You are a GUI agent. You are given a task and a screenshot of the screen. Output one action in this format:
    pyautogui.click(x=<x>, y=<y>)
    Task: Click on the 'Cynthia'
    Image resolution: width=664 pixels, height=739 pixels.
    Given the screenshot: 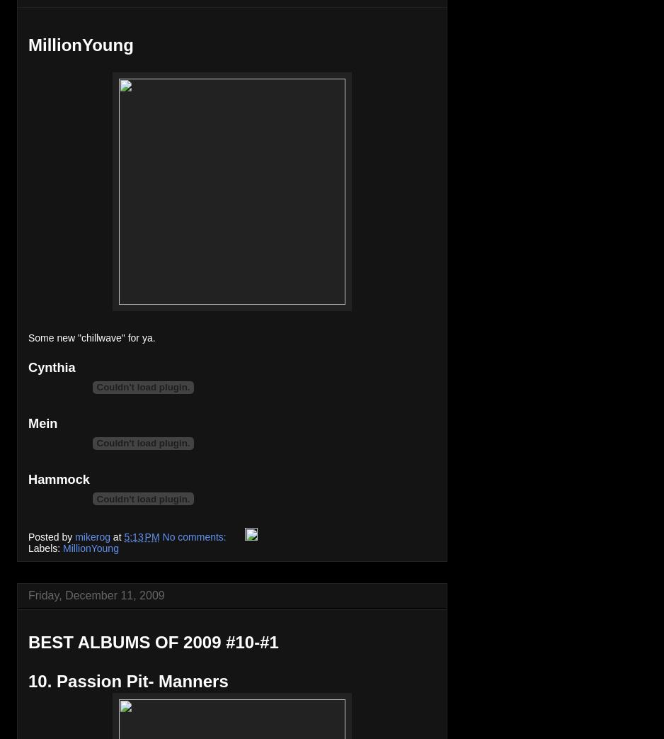 What is the action you would take?
    pyautogui.click(x=27, y=366)
    